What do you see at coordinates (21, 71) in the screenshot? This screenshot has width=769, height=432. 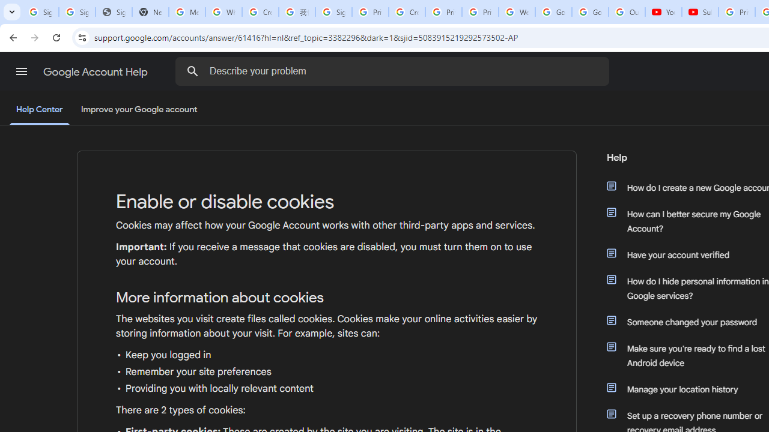 I see `'Main menu'` at bounding box center [21, 71].